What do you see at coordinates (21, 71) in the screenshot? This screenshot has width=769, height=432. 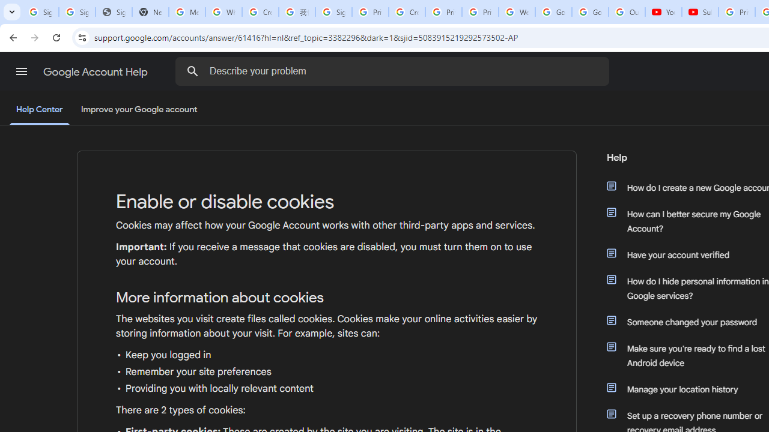 I see `'Main menu'` at bounding box center [21, 71].